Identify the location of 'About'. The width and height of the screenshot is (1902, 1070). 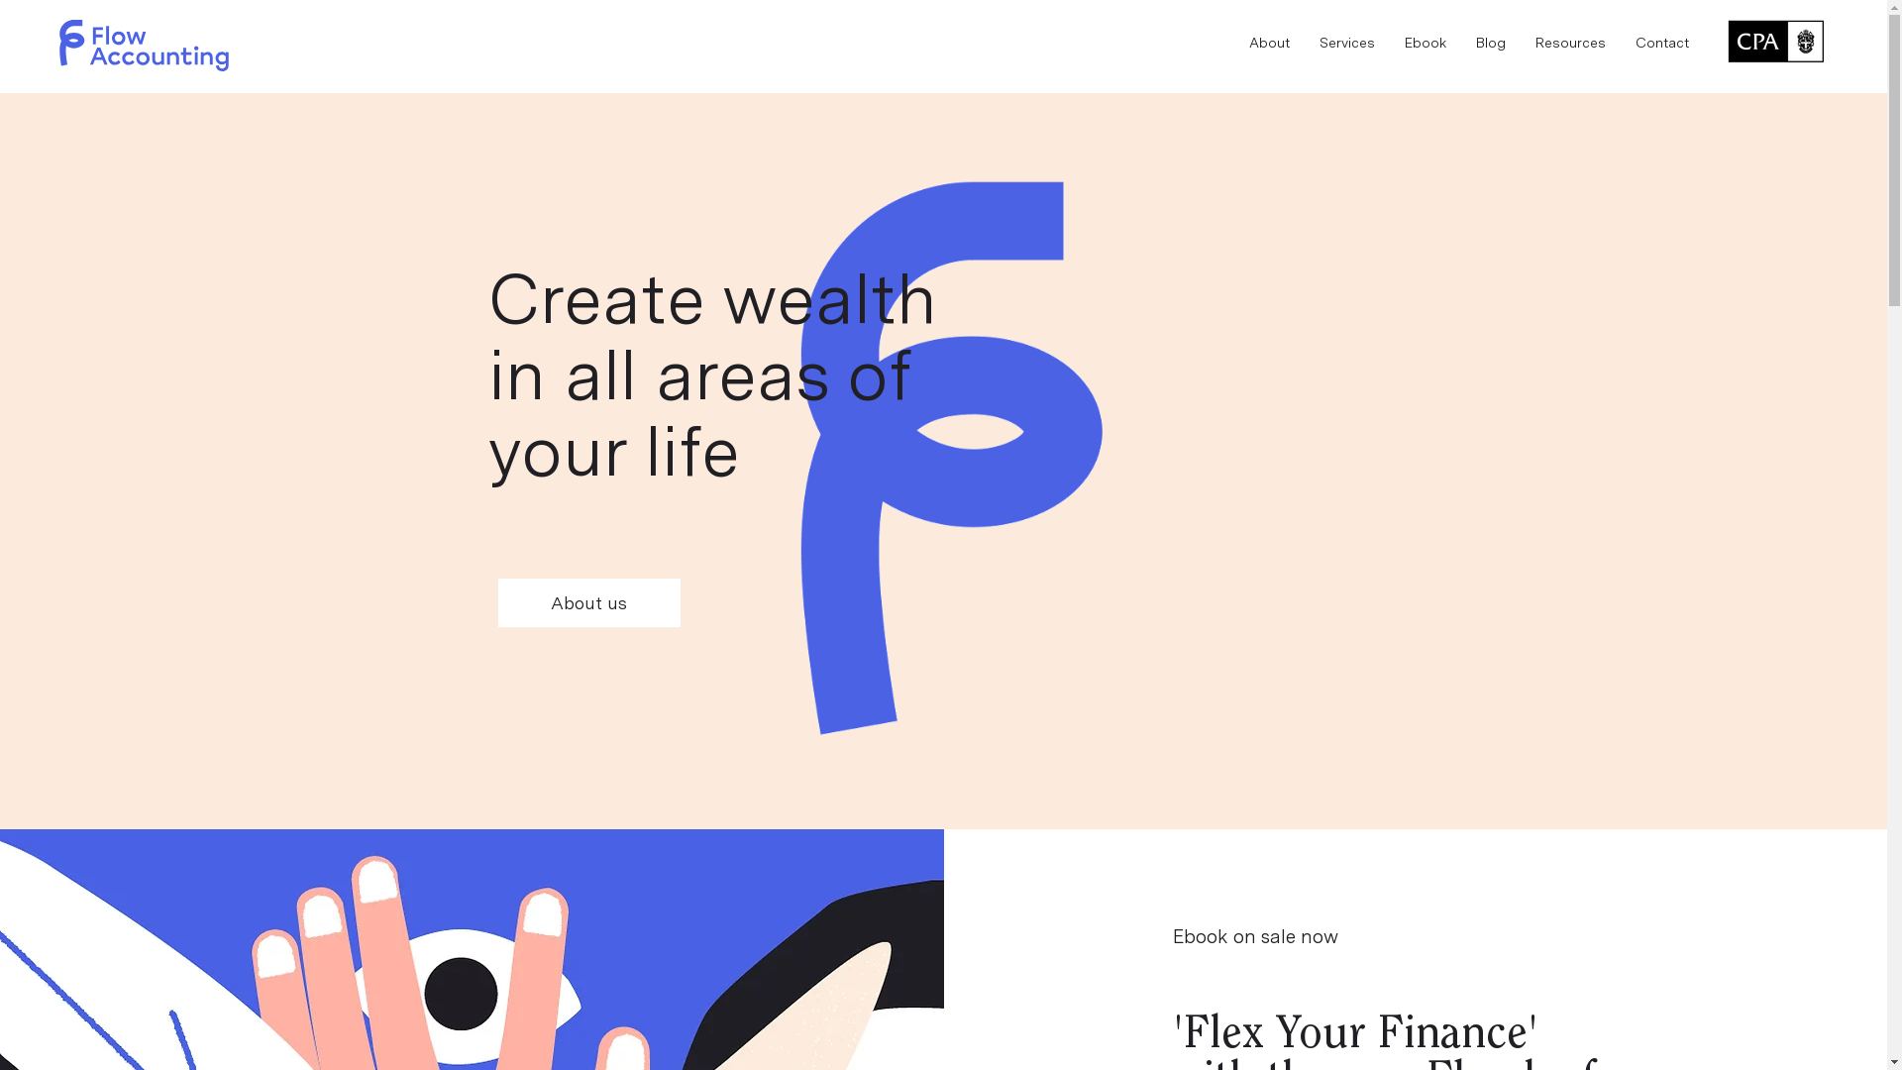
(1269, 43).